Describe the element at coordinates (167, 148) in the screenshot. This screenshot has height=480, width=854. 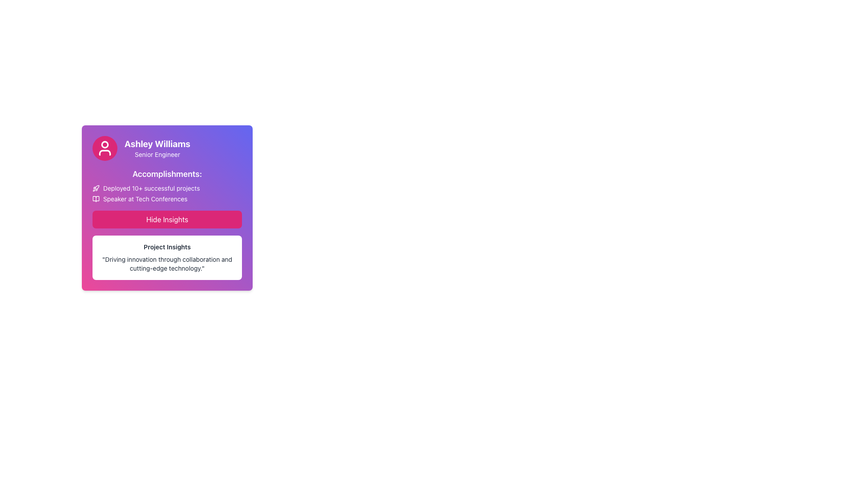
I see `text from the Text and Icon Section containing 'Ashley Williams' and 'Senior Engineer' to obtain the individual's information` at that location.